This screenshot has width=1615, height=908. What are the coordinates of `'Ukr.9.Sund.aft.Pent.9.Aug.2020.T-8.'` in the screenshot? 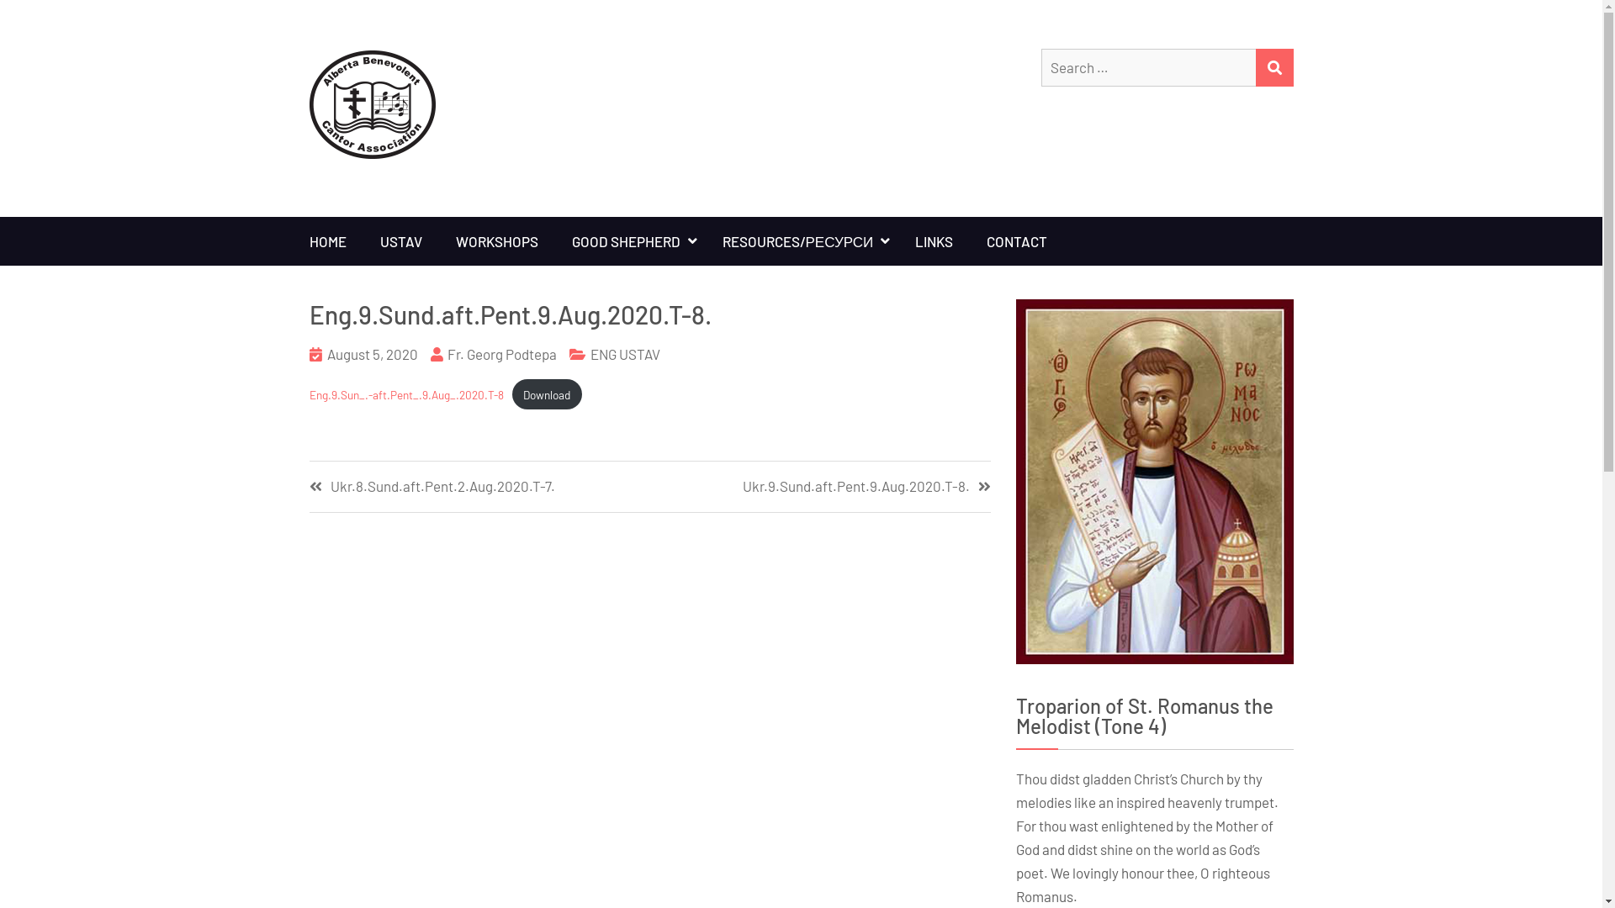 It's located at (819, 486).